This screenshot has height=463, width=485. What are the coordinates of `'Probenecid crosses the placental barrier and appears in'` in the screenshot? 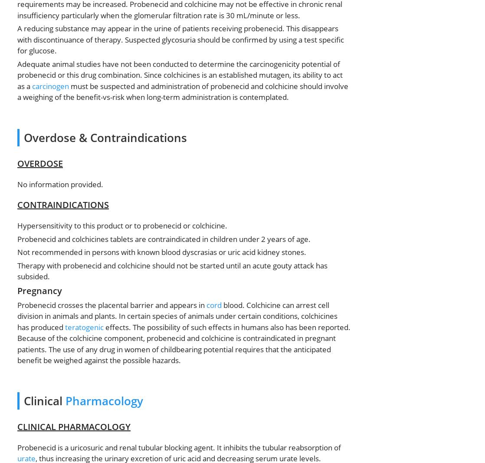 It's located at (112, 304).